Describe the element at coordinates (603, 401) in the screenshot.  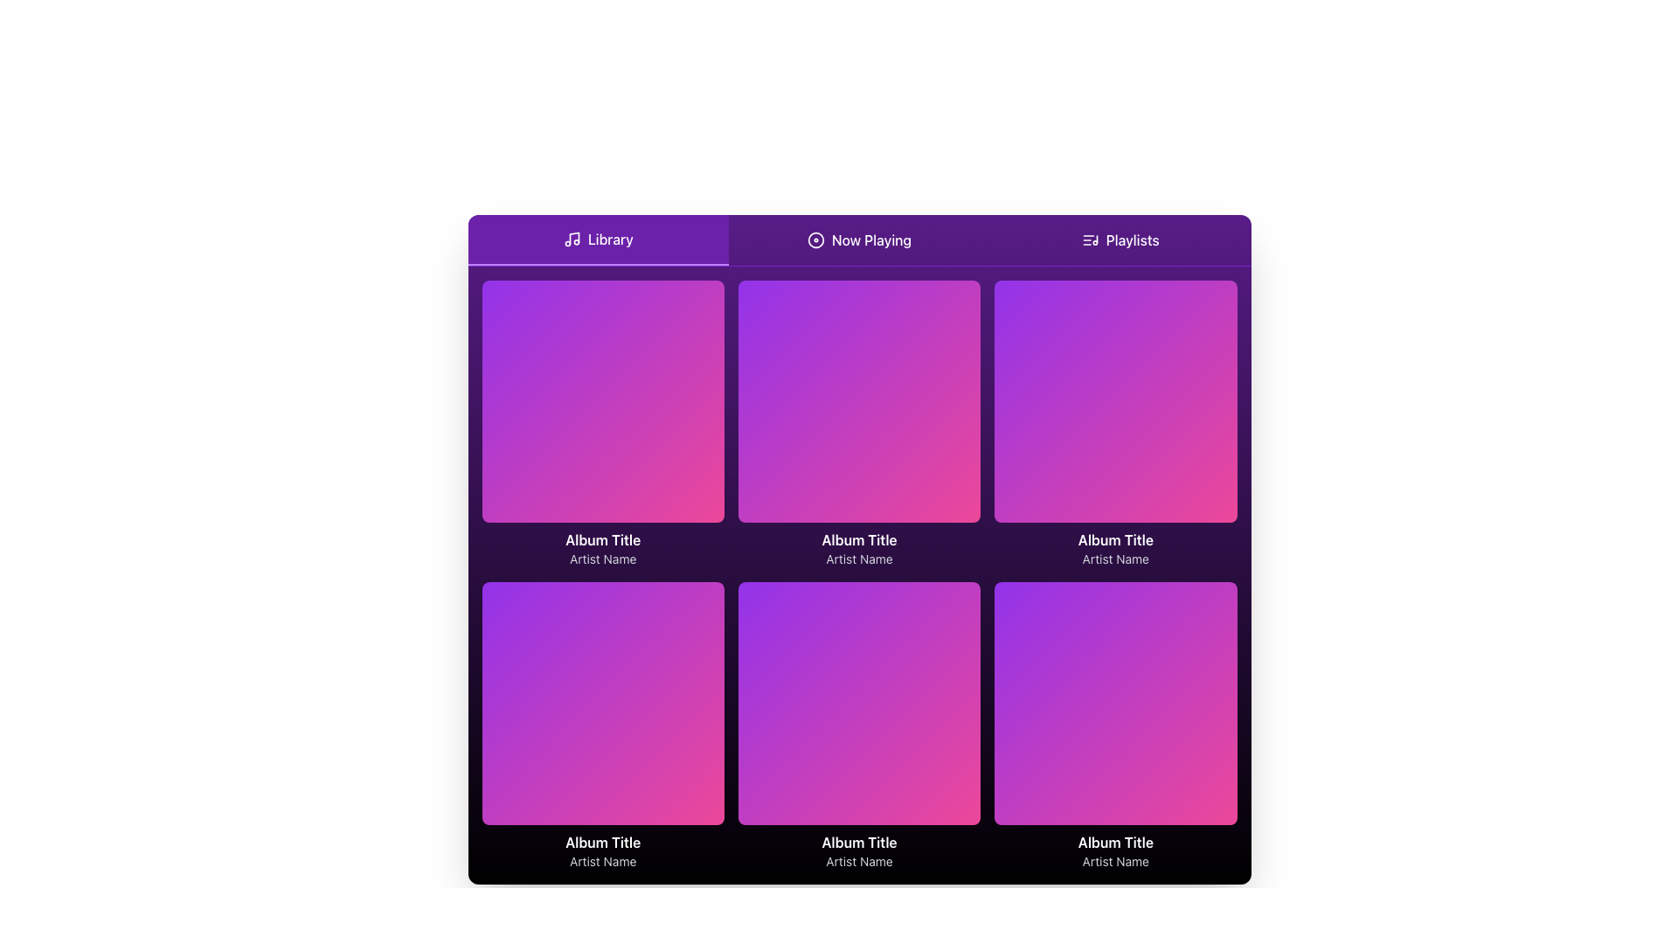
I see `the album cover element located in the first row and first column of the grid layout to interact with it, if enabled` at that location.